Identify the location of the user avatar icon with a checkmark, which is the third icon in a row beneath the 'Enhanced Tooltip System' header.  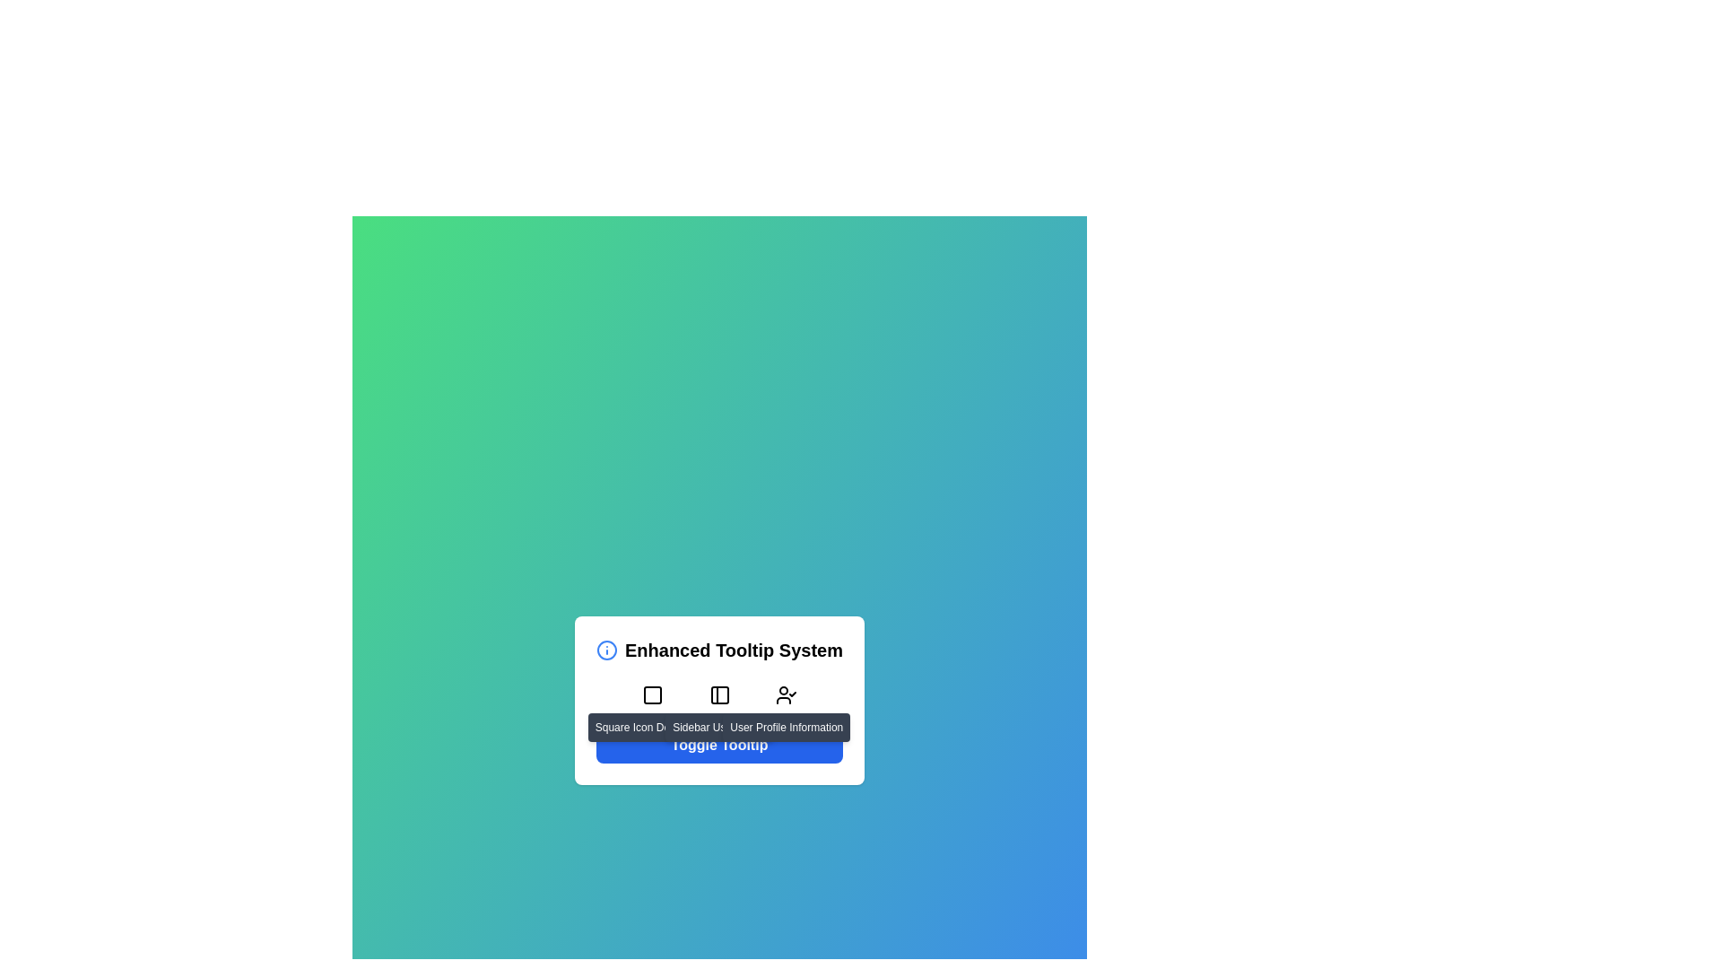
(787, 694).